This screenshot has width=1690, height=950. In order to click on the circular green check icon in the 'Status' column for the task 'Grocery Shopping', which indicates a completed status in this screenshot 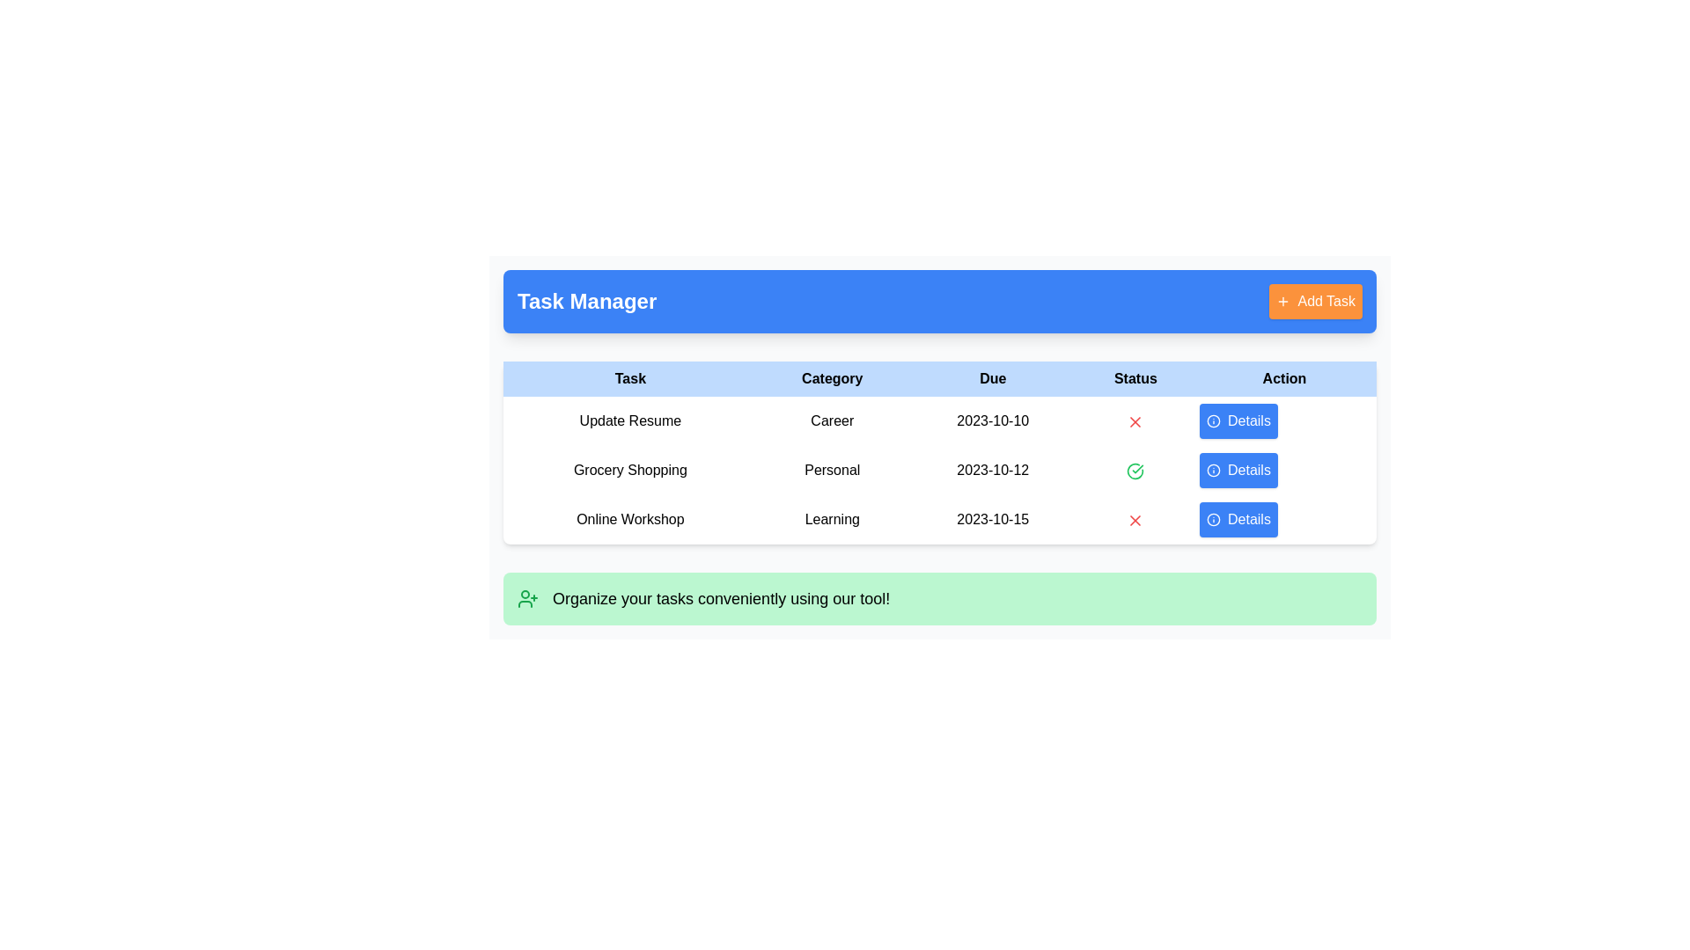, I will do `click(1135, 470)`.